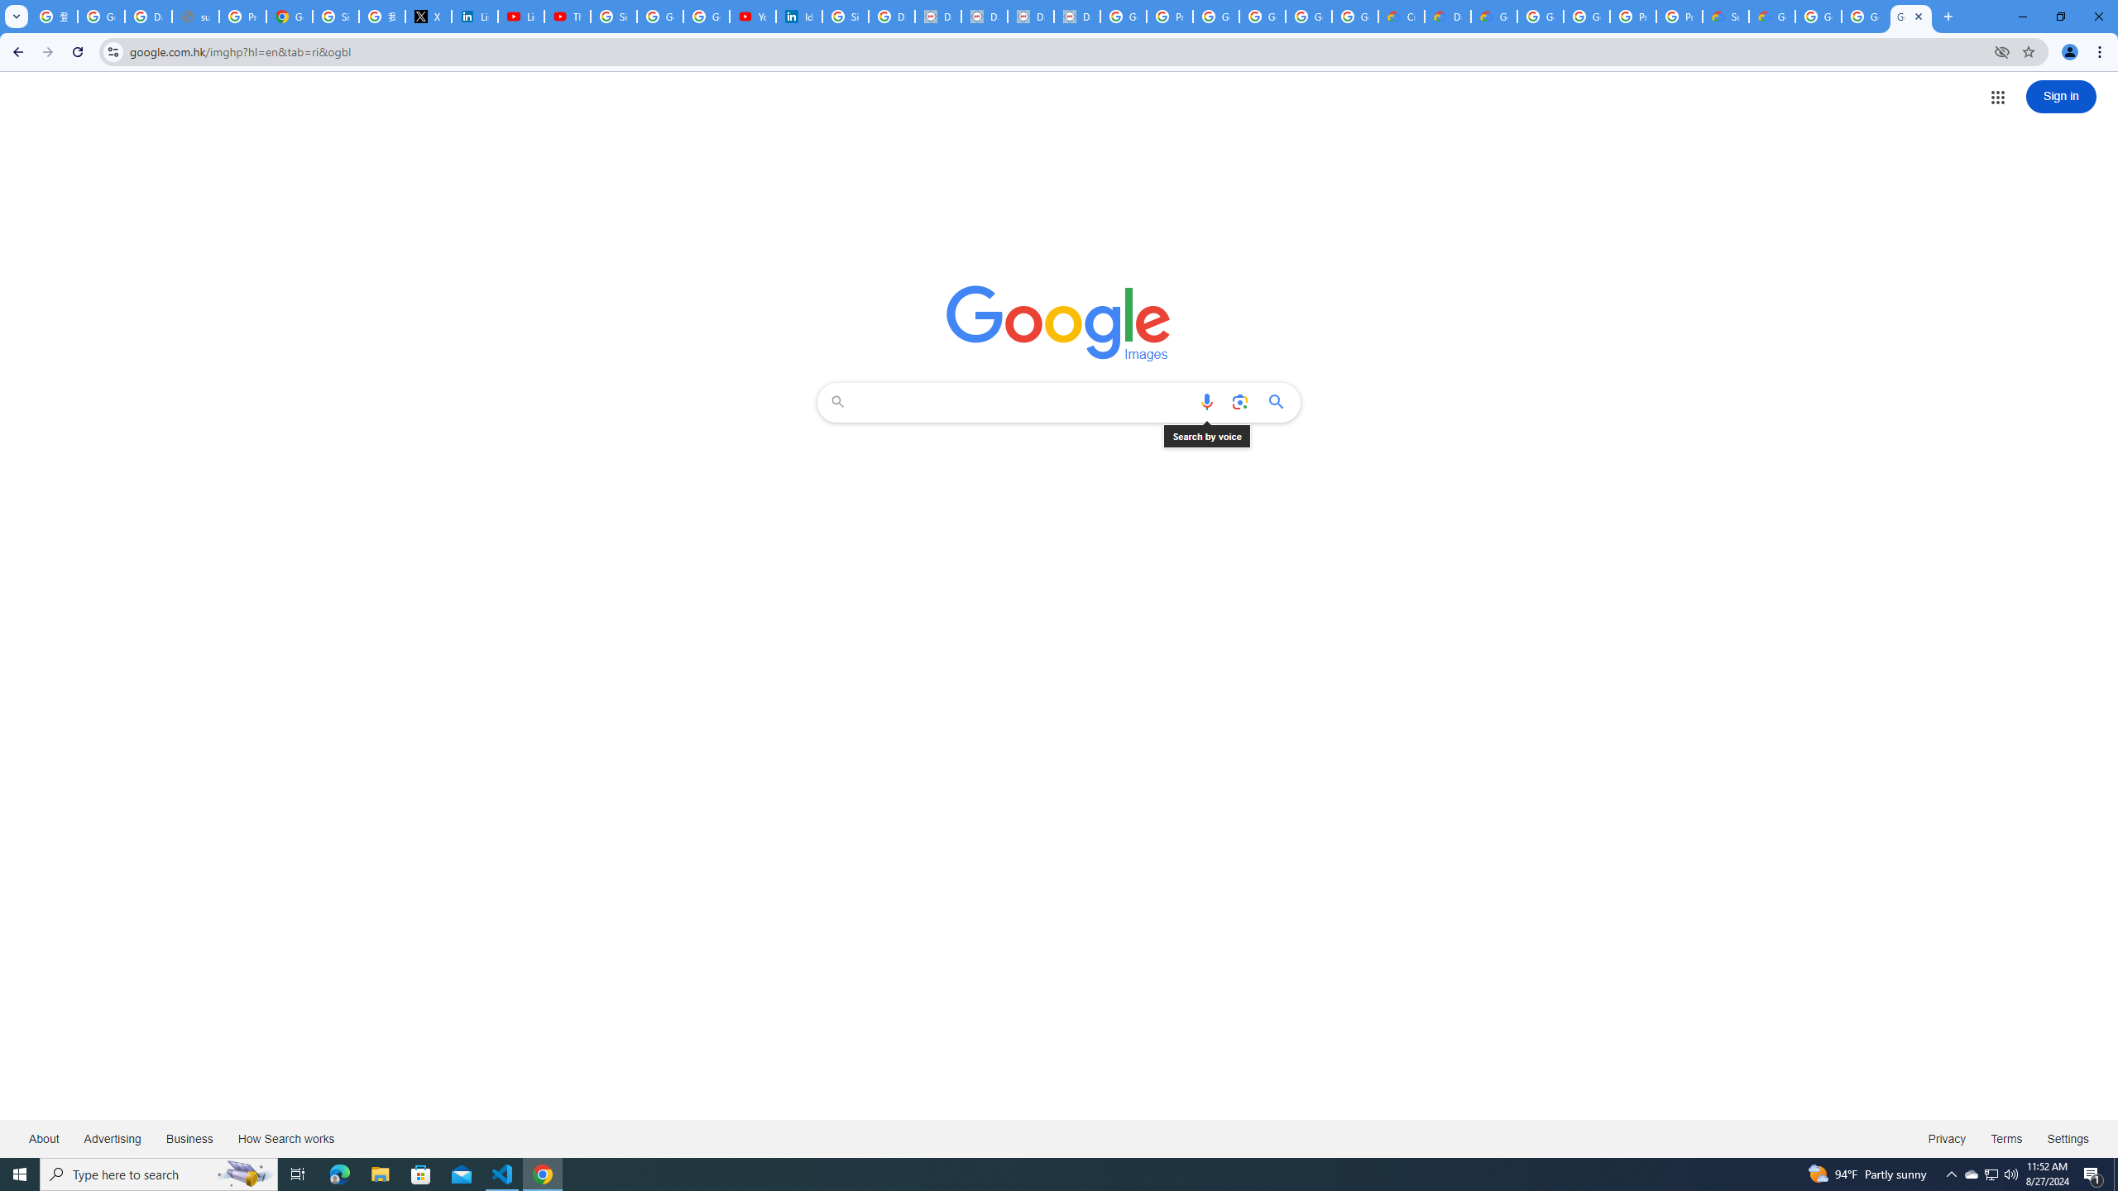  Describe the element at coordinates (1865, 16) in the screenshot. I see `'Google Cloud Platform'` at that location.